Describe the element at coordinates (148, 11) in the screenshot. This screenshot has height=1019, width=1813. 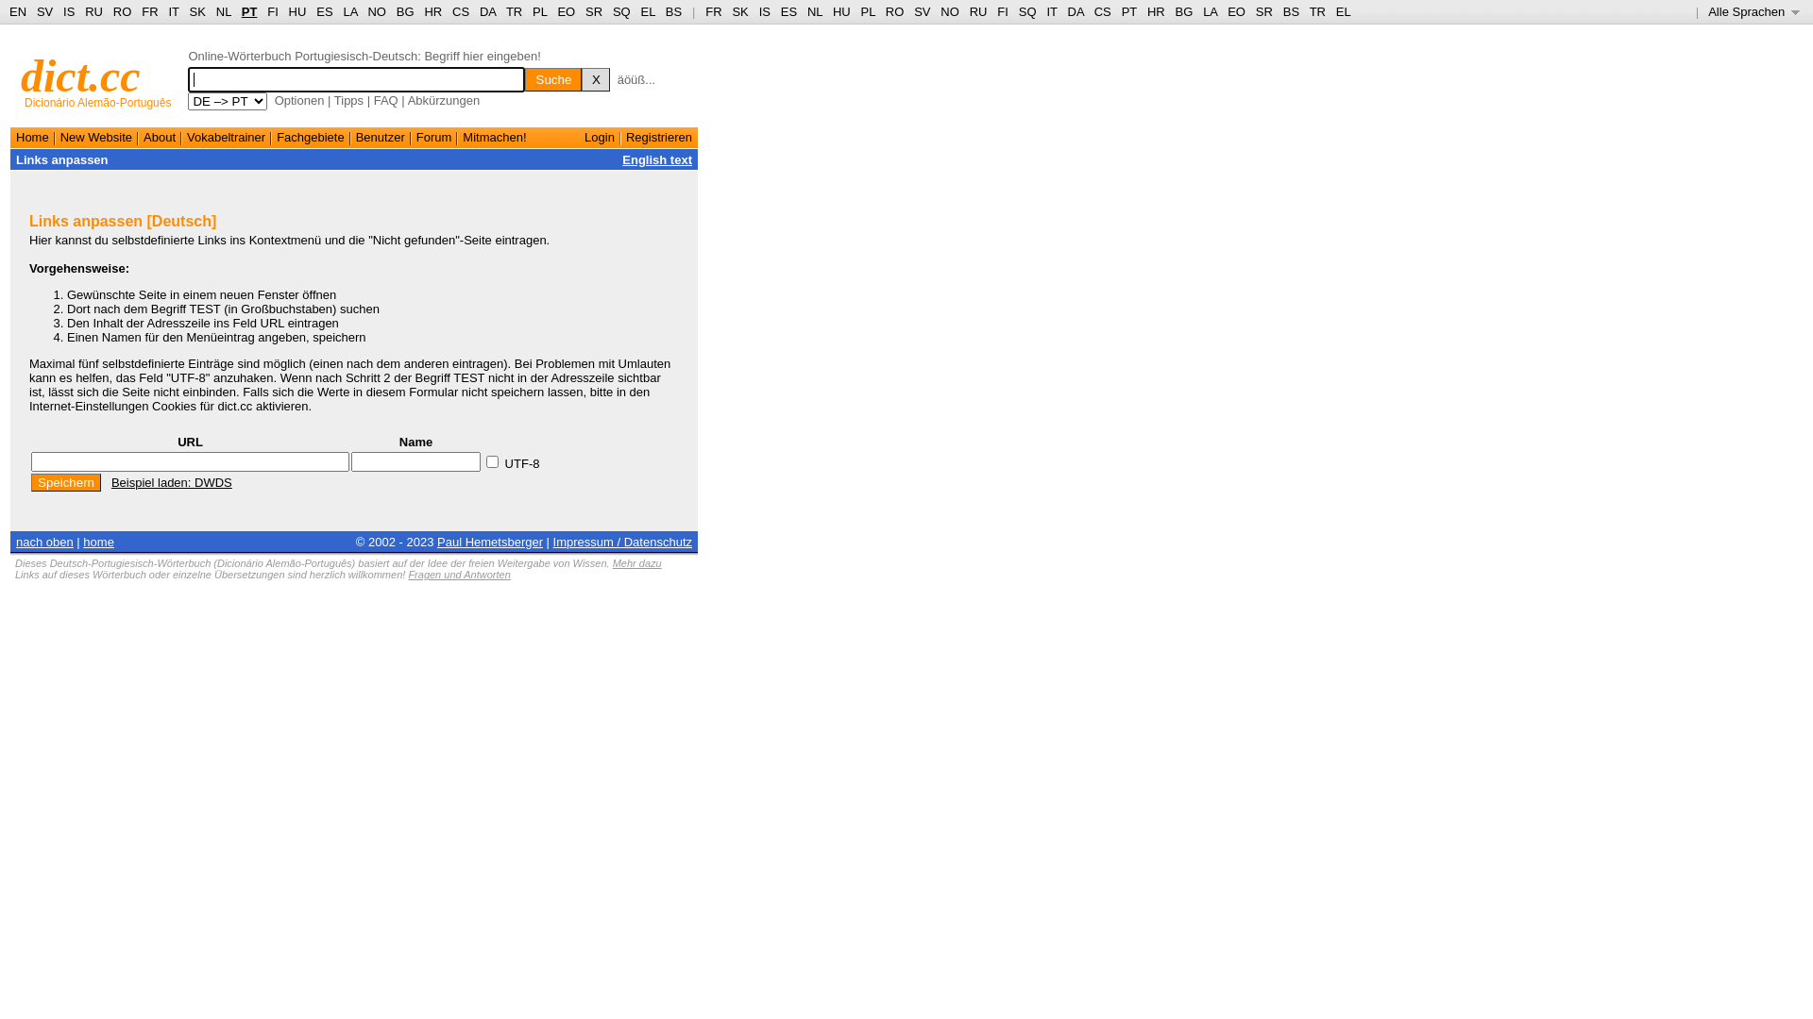
I see `'FR'` at that location.